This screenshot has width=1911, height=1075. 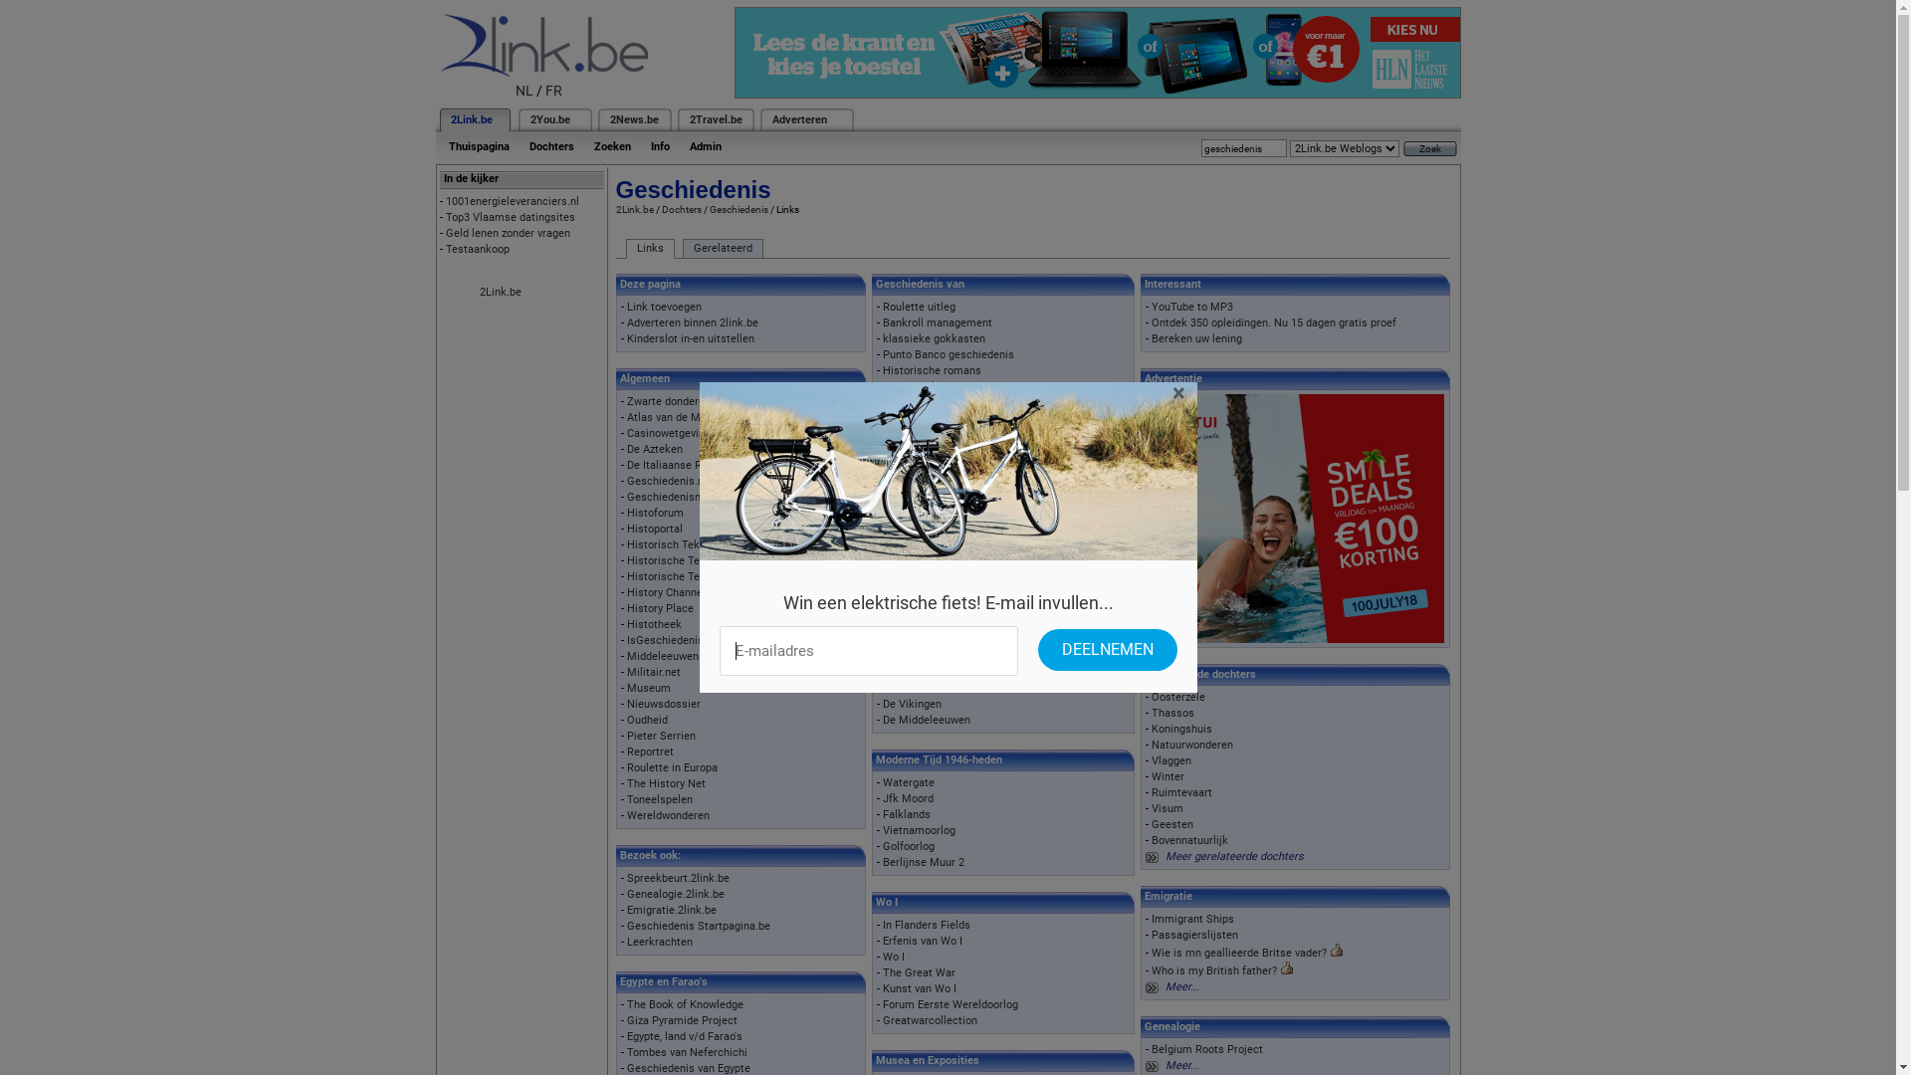 What do you see at coordinates (1151, 840) in the screenshot?
I see `'Bovennatuurlijk'` at bounding box center [1151, 840].